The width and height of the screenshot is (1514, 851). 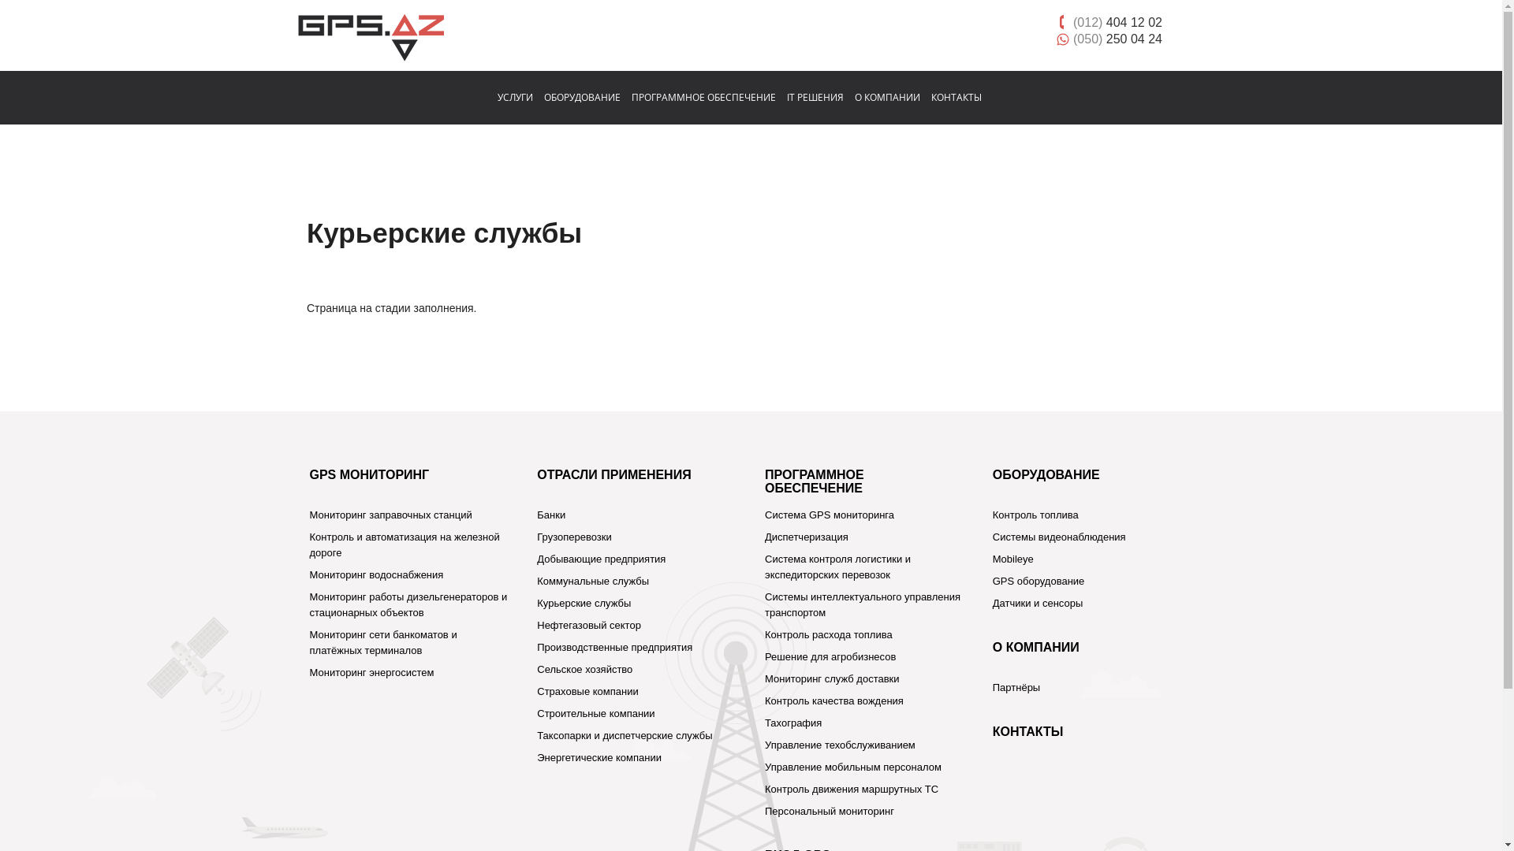 What do you see at coordinates (1117, 38) in the screenshot?
I see `'(050) 250 04 24'` at bounding box center [1117, 38].